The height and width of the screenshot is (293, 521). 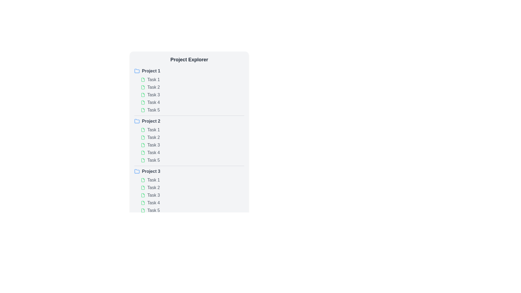 I want to click on the text label displaying 'Task 3' in gray font, located under 'Project 3' in the task list, so click(x=153, y=195).